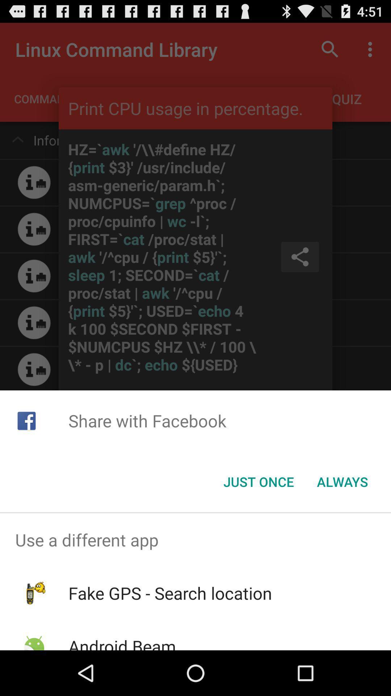 This screenshot has width=391, height=696. I want to click on icon to the right of just once button, so click(342, 482).